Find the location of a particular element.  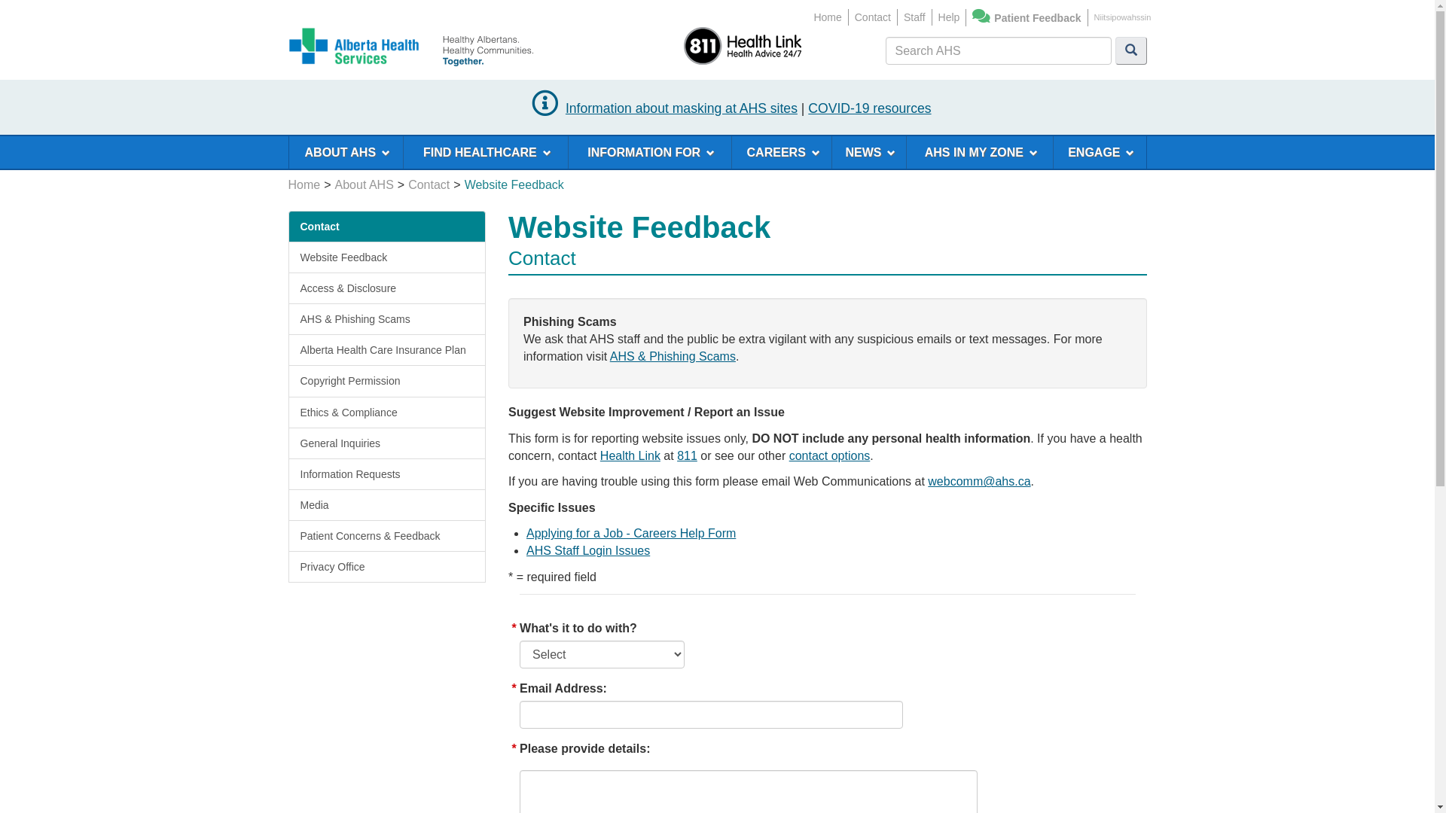

'About AHS' is located at coordinates (365, 184).